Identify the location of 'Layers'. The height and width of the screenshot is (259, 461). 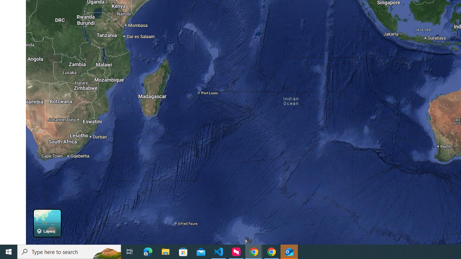
(47, 223).